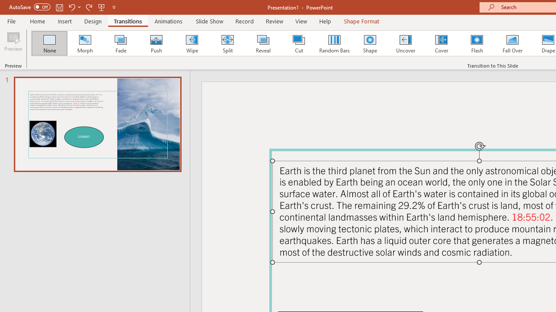 The width and height of the screenshot is (556, 312). What do you see at coordinates (85, 43) in the screenshot?
I see `'Morph'` at bounding box center [85, 43].